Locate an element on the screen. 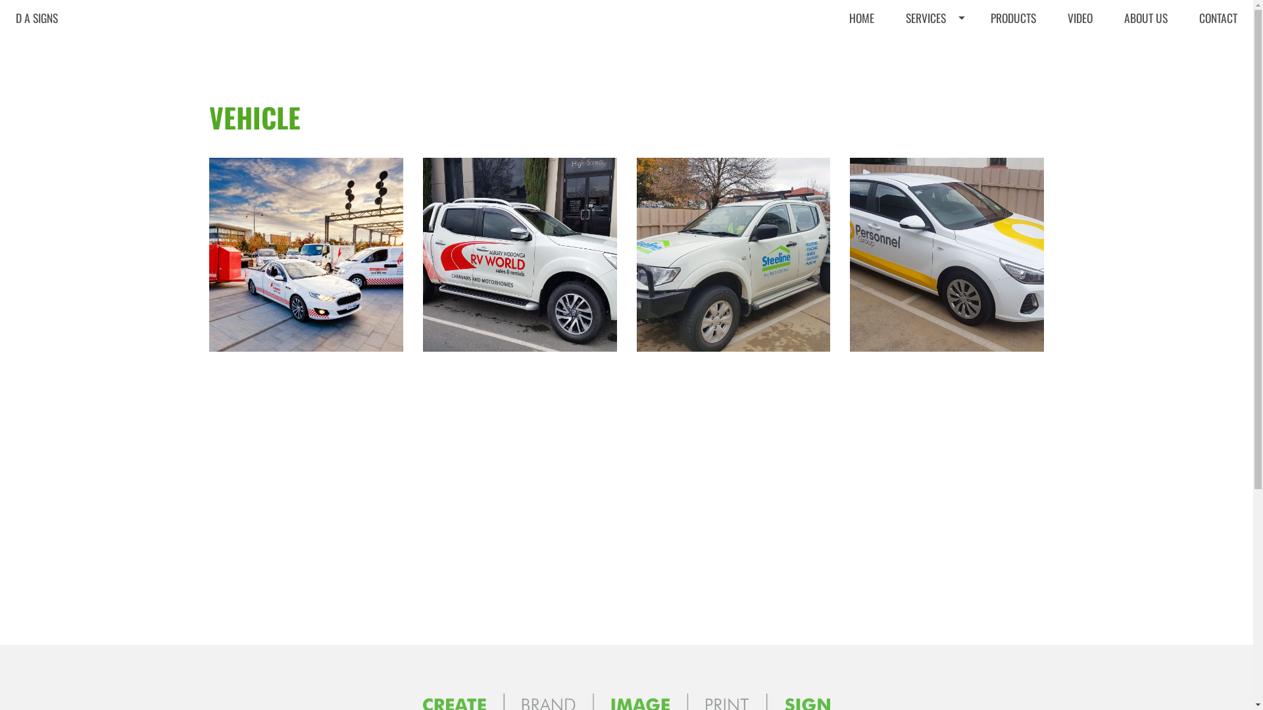  'SERVICES' is located at coordinates (931, 18).